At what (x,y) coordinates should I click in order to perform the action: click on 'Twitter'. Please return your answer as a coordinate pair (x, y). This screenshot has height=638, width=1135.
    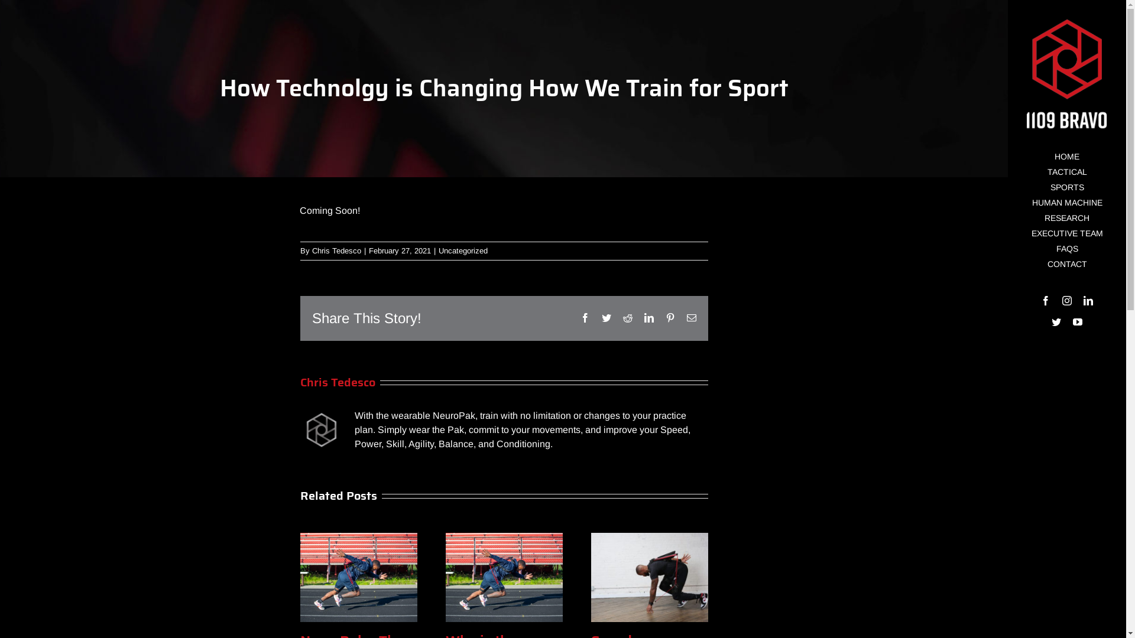
    Looking at the image, I should click on (607, 317).